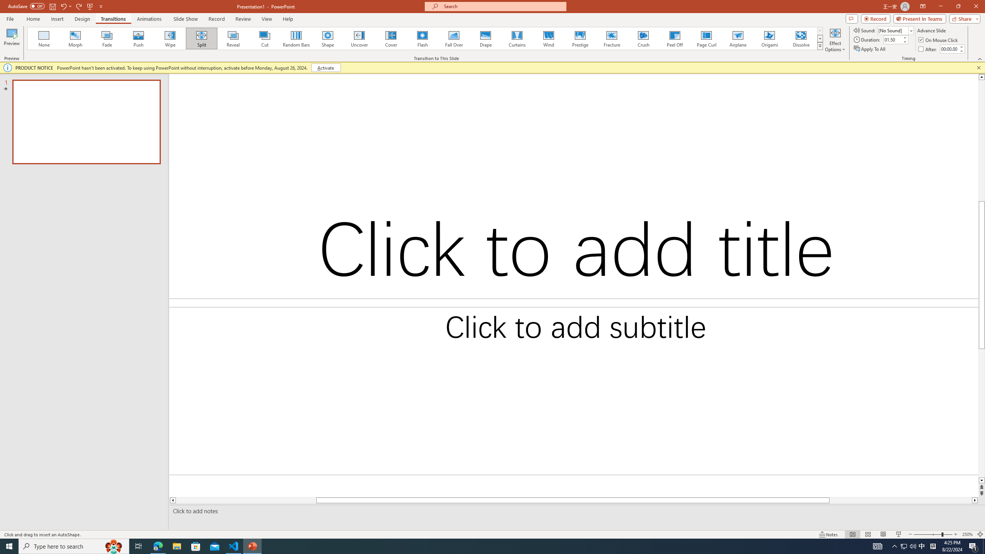  I want to click on 'Fall Over', so click(454, 38).